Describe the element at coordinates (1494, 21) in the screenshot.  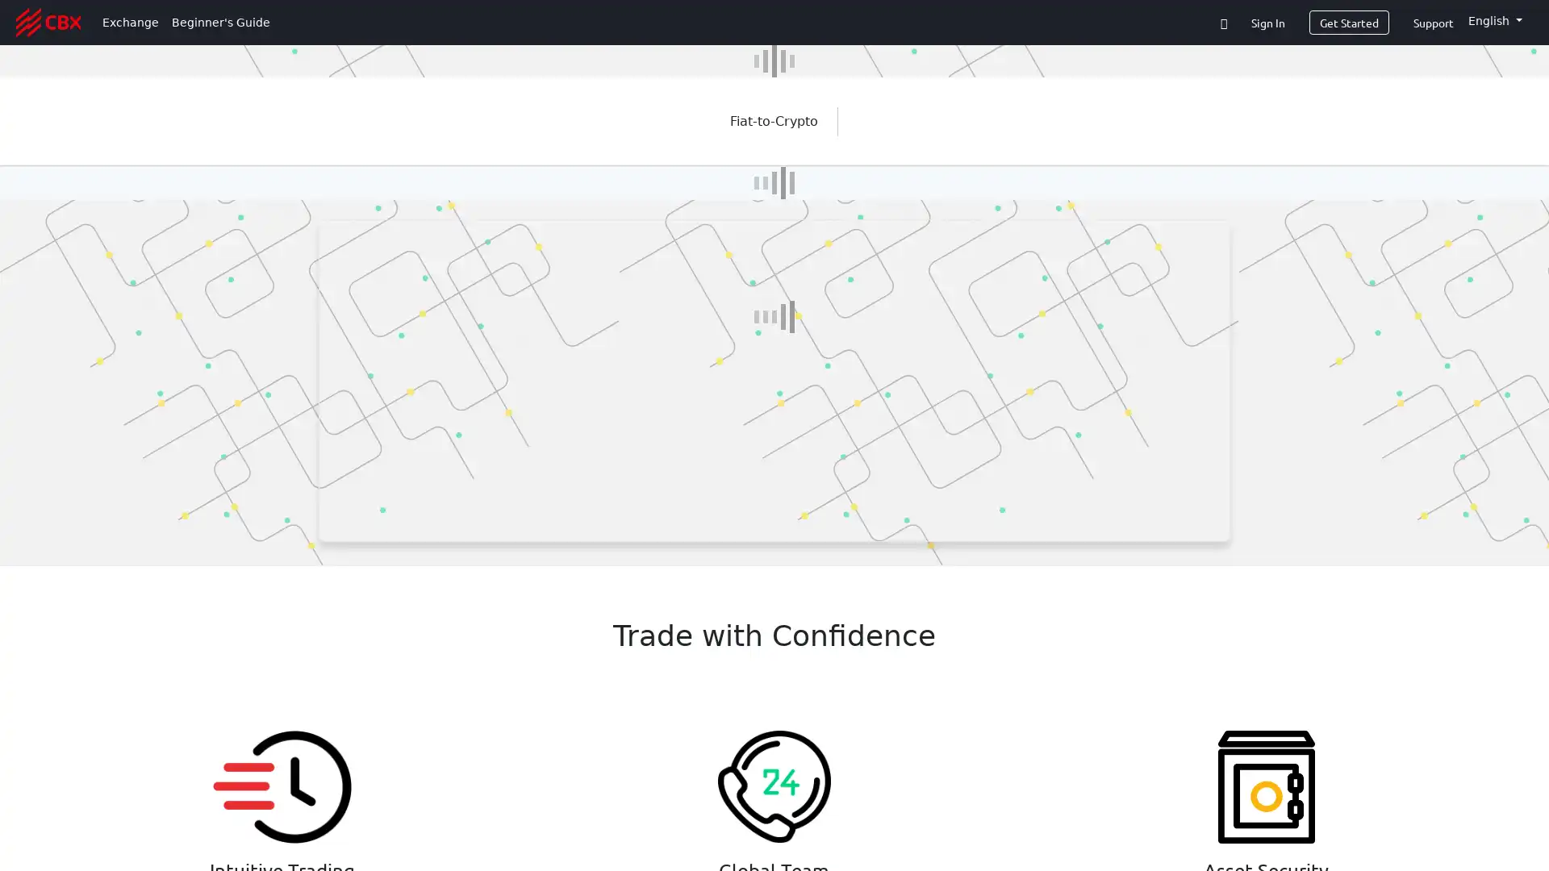
I see `English` at that location.